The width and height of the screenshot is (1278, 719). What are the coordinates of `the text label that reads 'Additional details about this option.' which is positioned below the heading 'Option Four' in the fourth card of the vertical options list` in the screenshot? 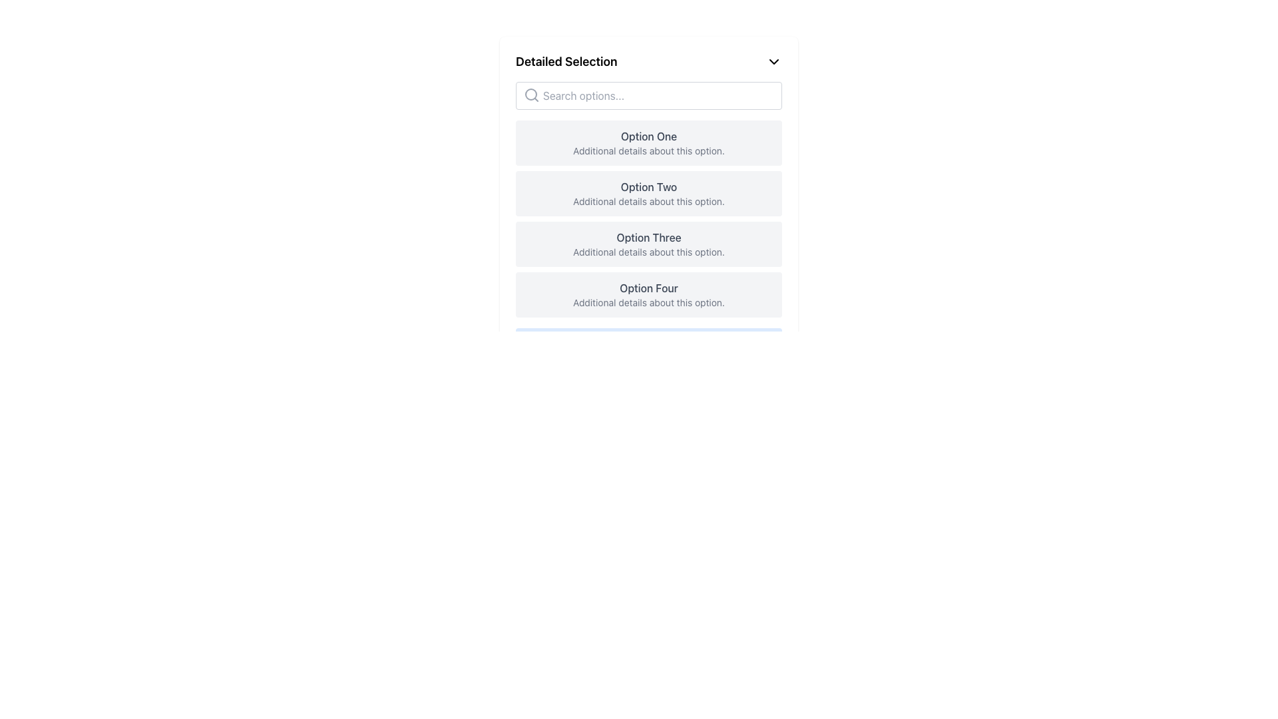 It's located at (648, 303).